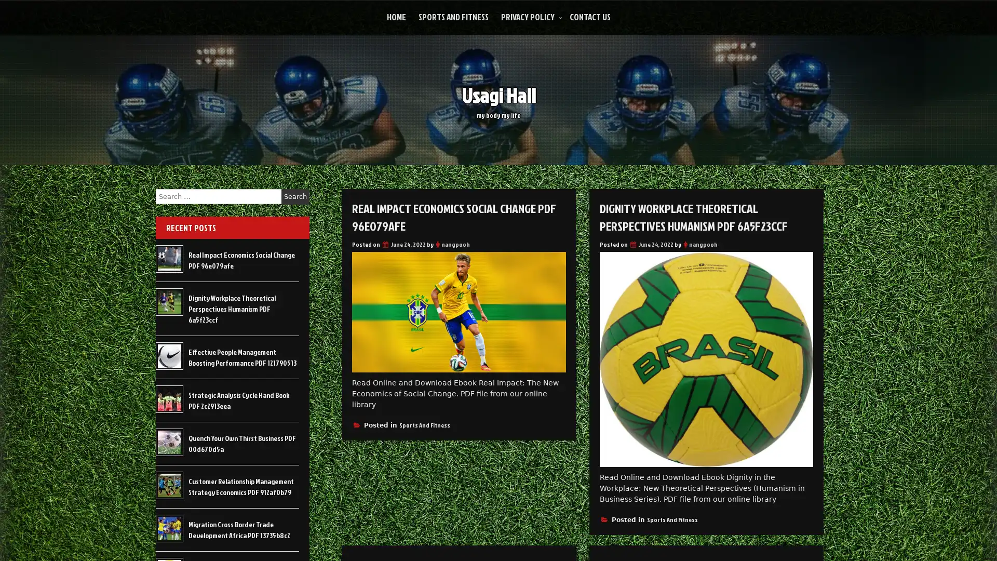 The height and width of the screenshot is (561, 997). Describe the element at coordinates (295, 196) in the screenshot. I see `Search` at that location.